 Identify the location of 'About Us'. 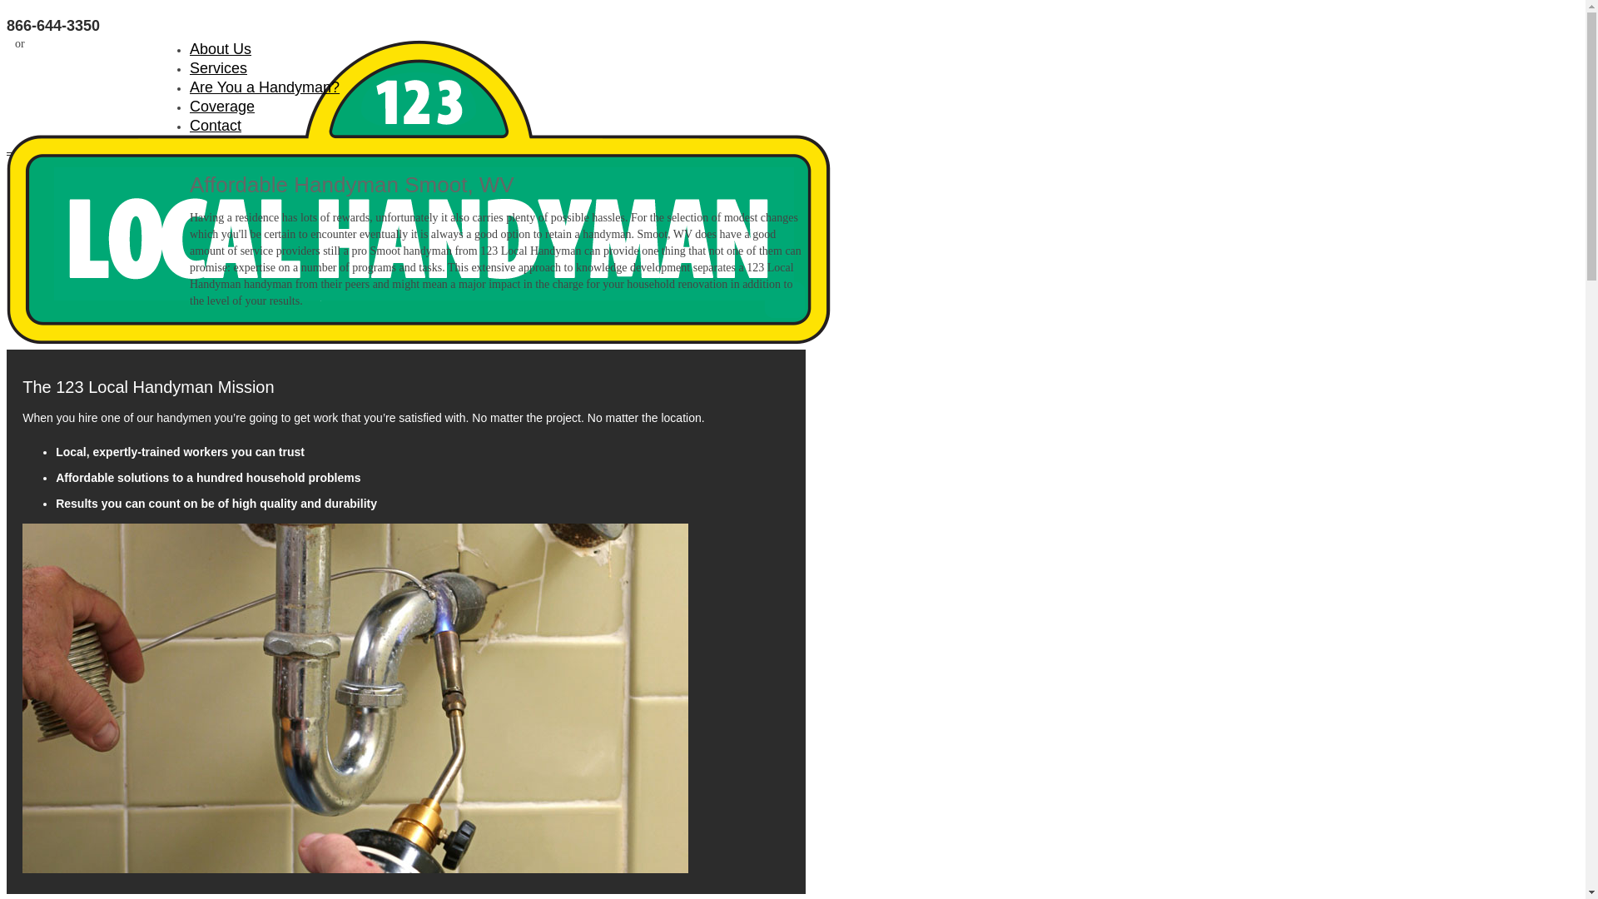
(219, 47).